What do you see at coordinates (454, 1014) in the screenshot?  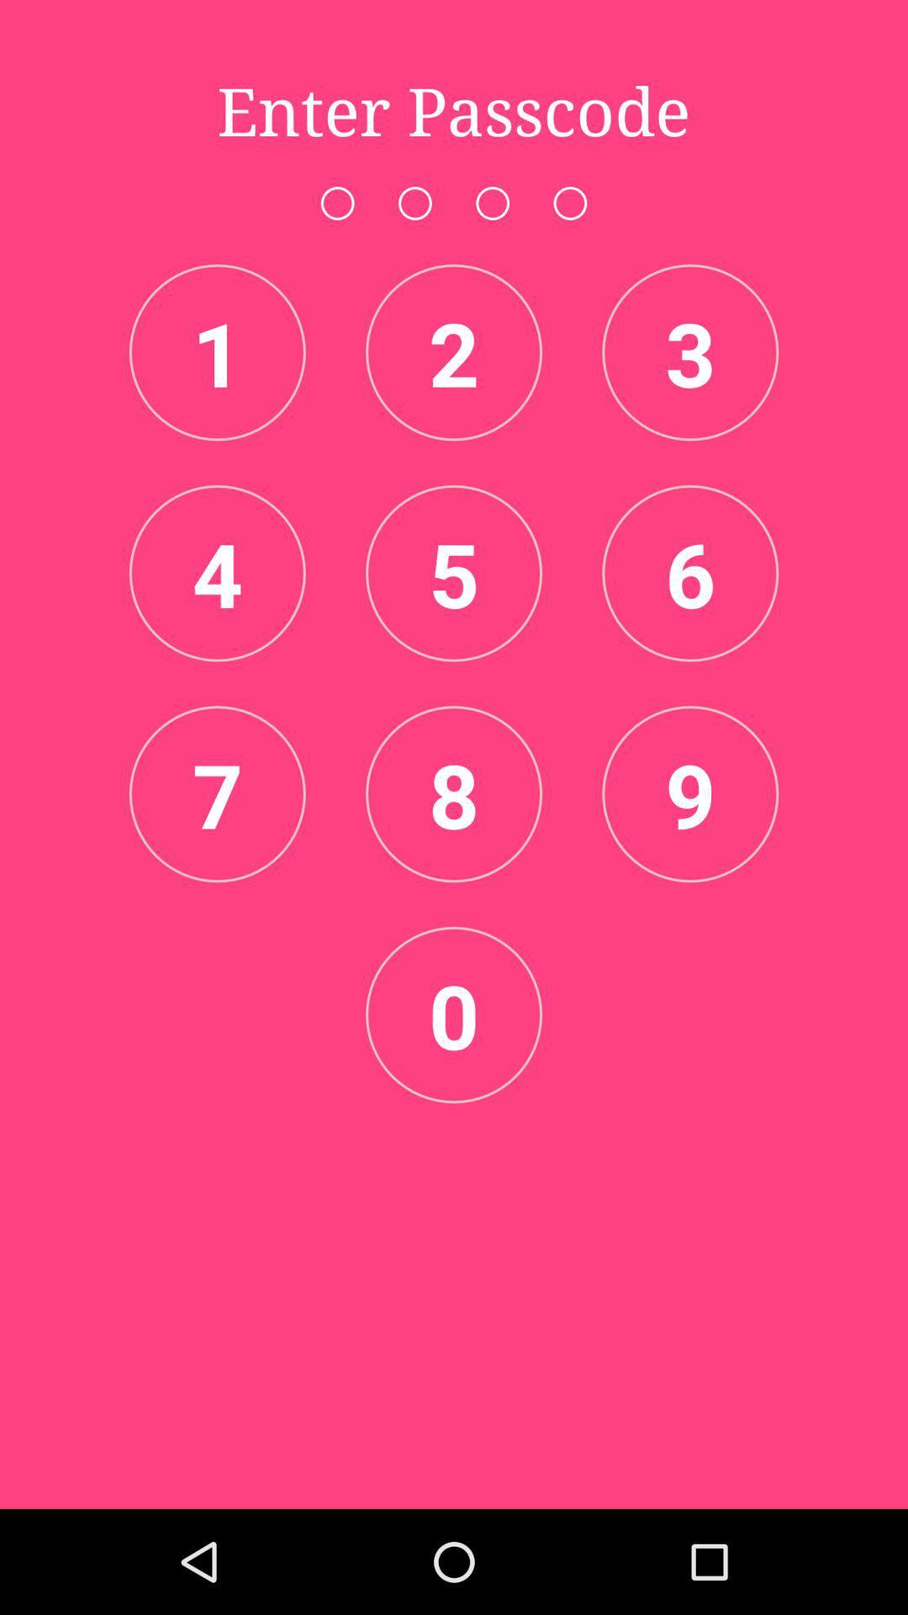 I see `the icon below the 8 item` at bounding box center [454, 1014].